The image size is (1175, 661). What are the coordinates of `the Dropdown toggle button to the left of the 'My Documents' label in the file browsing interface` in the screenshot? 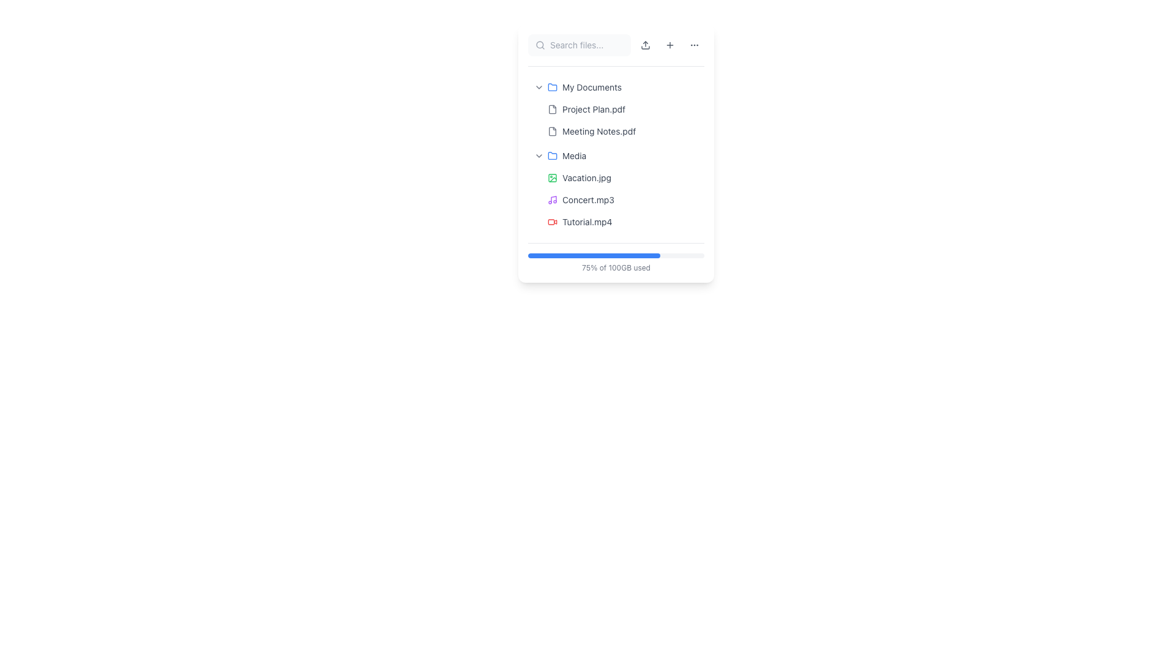 It's located at (539, 86).